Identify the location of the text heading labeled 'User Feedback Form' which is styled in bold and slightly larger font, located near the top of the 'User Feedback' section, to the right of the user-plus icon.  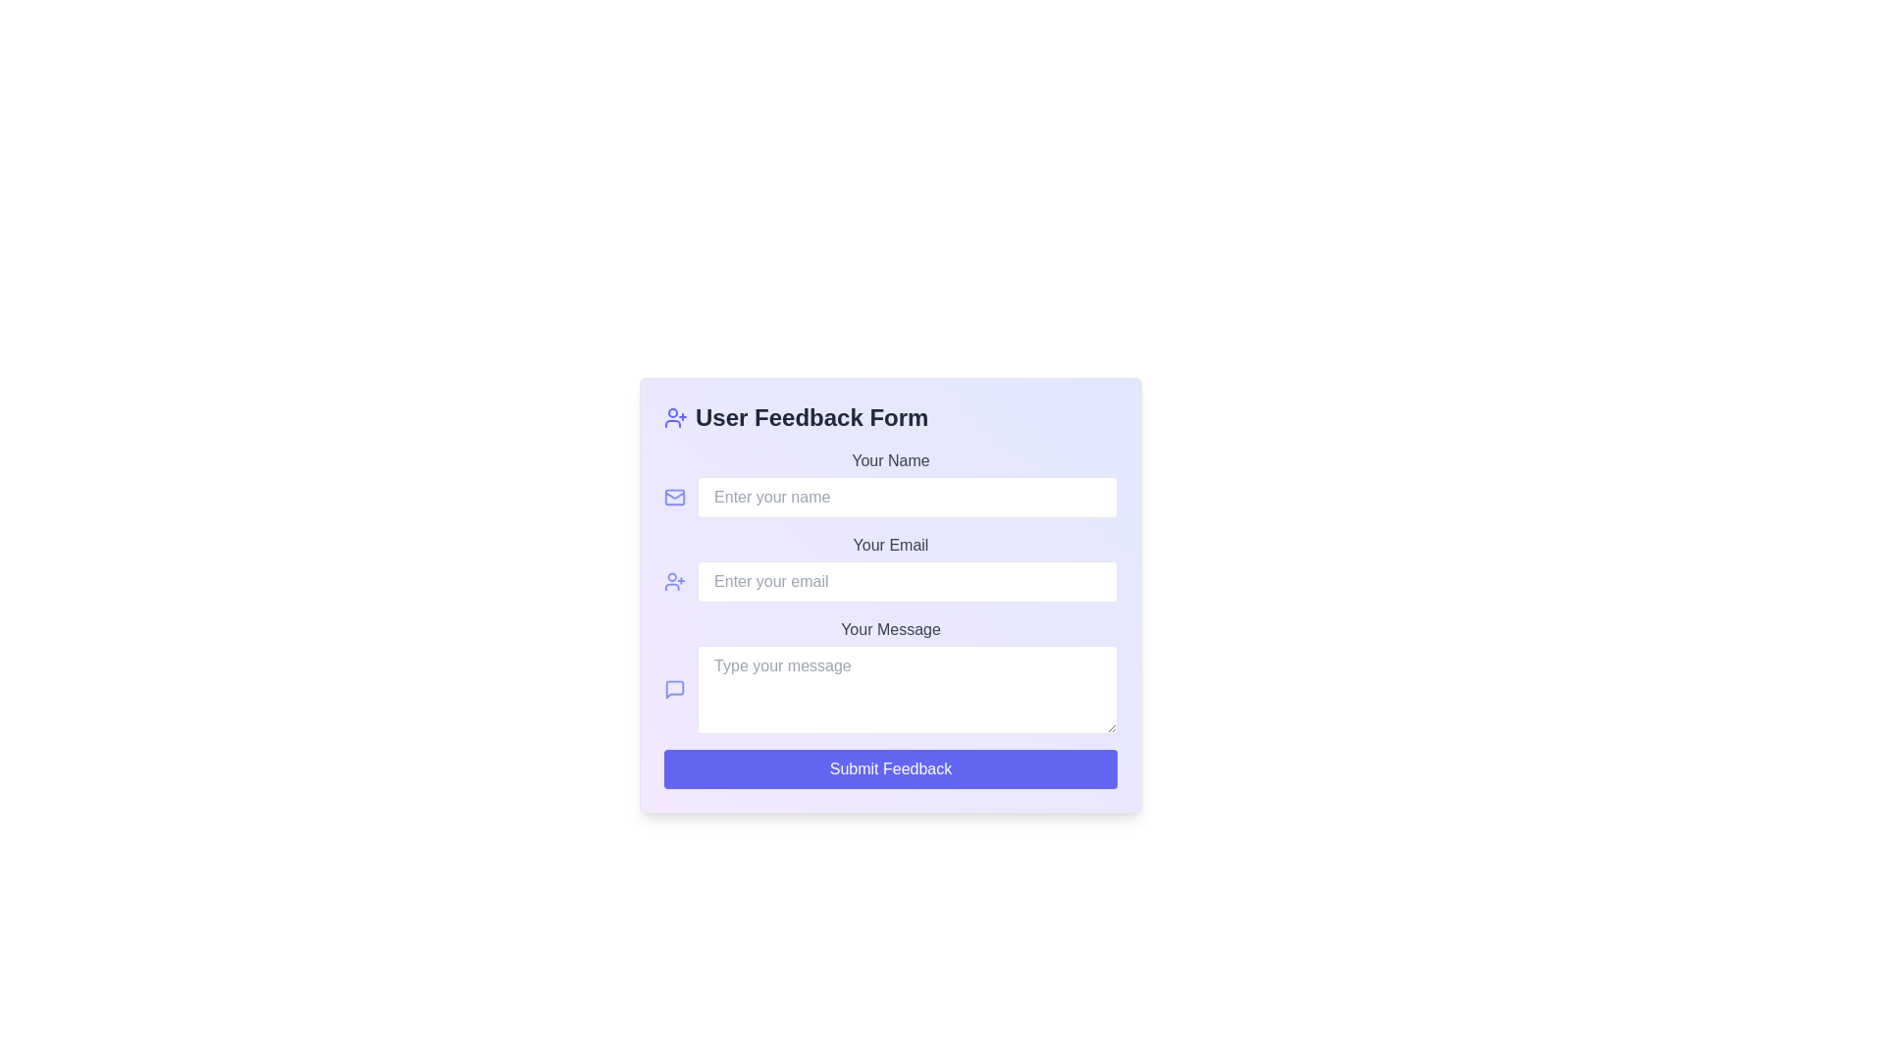
(811, 416).